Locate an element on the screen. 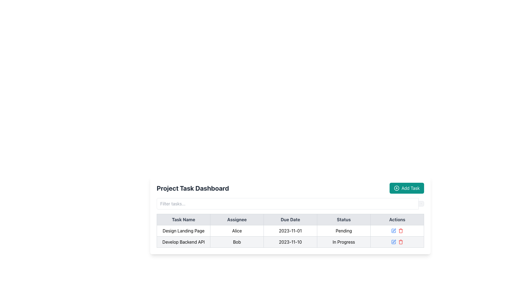 The height and width of the screenshot is (295, 526). the 'Assignee' Table Header, which is the second header in a row of five headers in the table, located between 'Task Name' and 'Due Date' is located at coordinates (237, 219).